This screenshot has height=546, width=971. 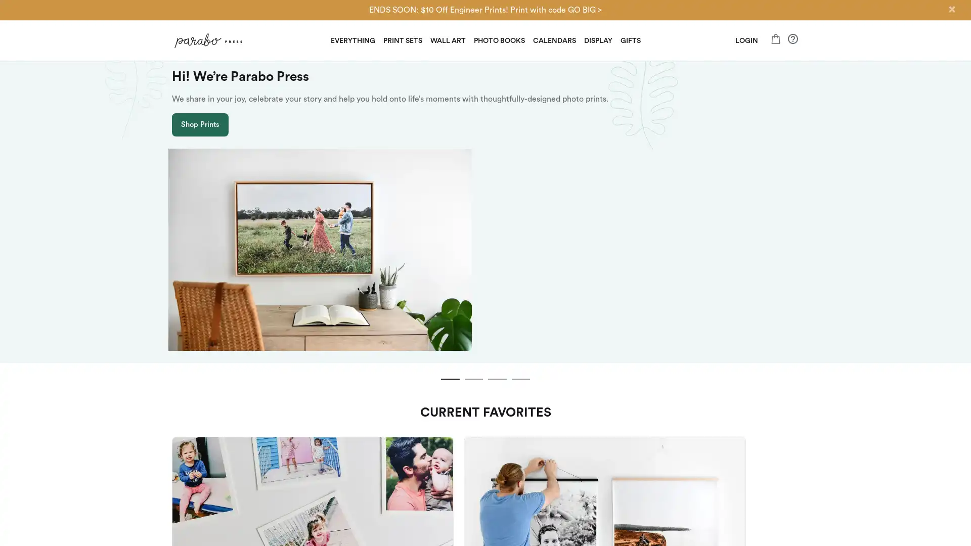 What do you see at coordinates (951, 9) in the screenshot?
I see `Close` at bounding box center [951, 9].